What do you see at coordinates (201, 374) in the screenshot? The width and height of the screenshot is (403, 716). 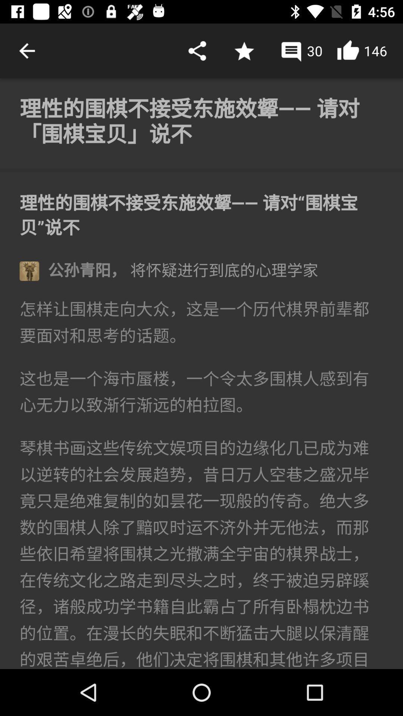 I see `article in middle` at bounding box center [201, 374].